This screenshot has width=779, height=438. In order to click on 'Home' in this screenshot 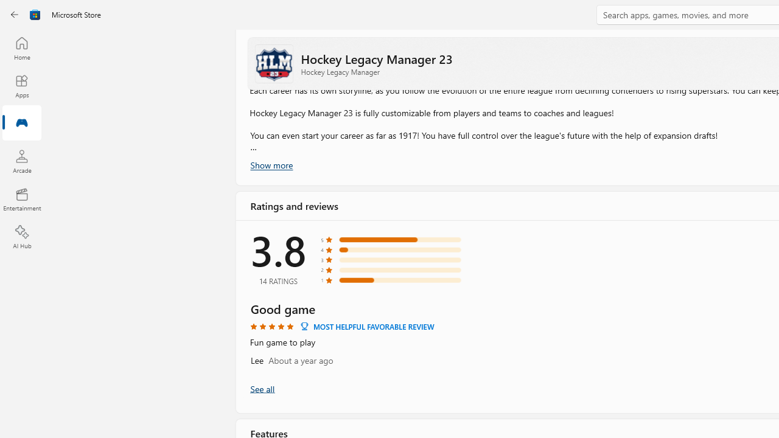, I will do `click(21, 47)`.